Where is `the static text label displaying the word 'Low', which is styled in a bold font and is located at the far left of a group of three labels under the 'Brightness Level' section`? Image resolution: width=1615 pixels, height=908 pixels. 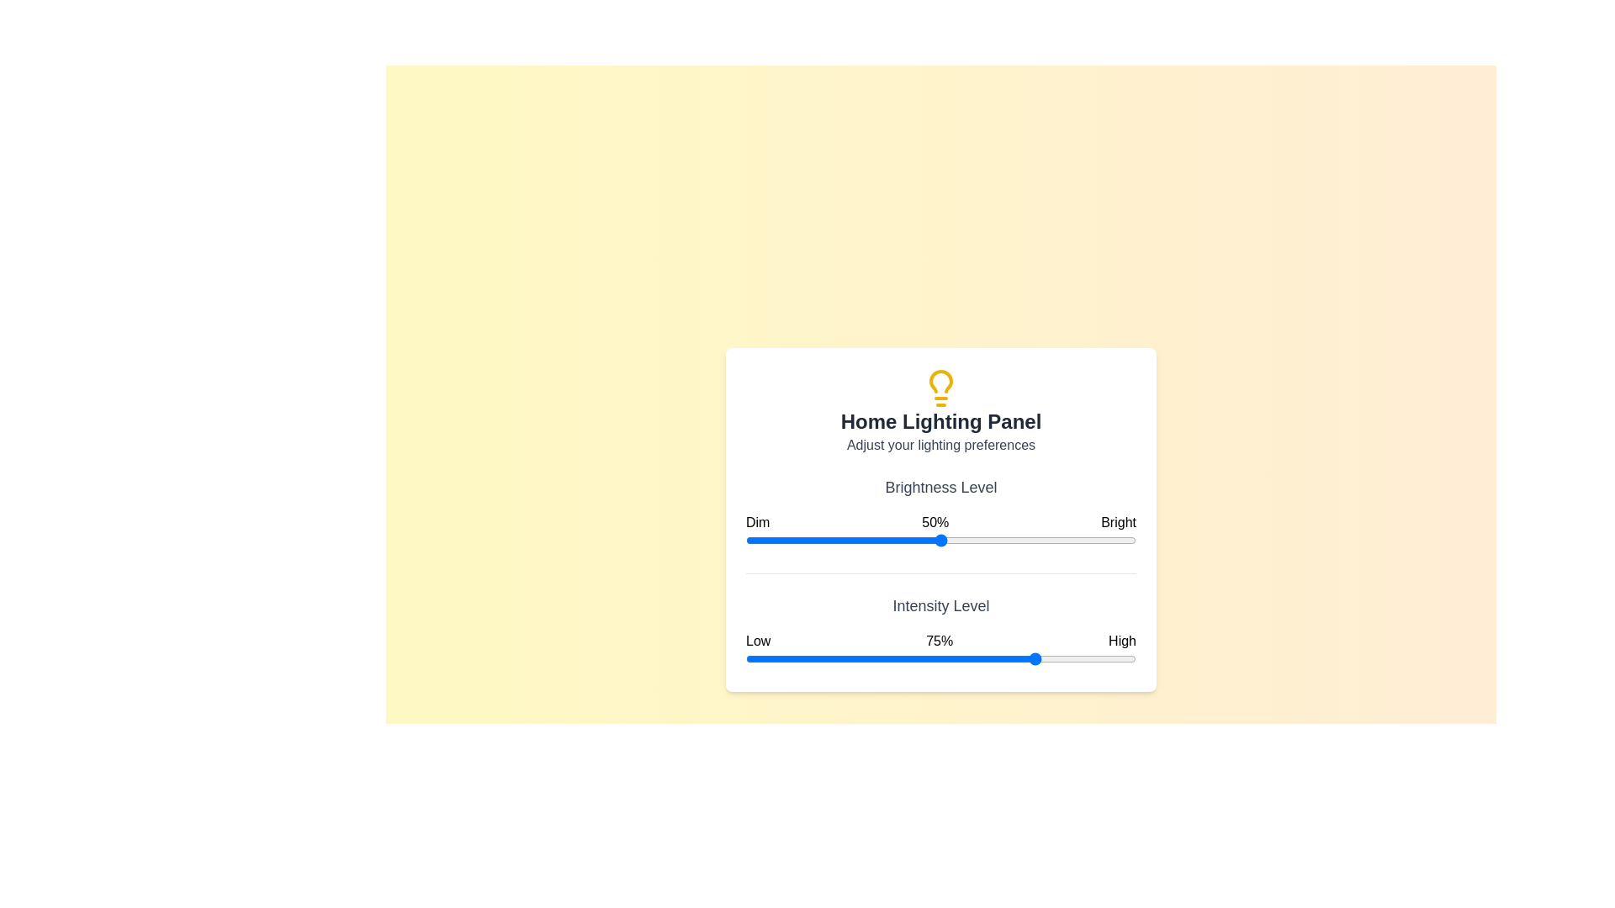
the static text label displaying the word 'Low', which is styled in a bold font and is located at the far left of a group of three labels under the 'Brightness Level' section is located at coordinates (757, 641).